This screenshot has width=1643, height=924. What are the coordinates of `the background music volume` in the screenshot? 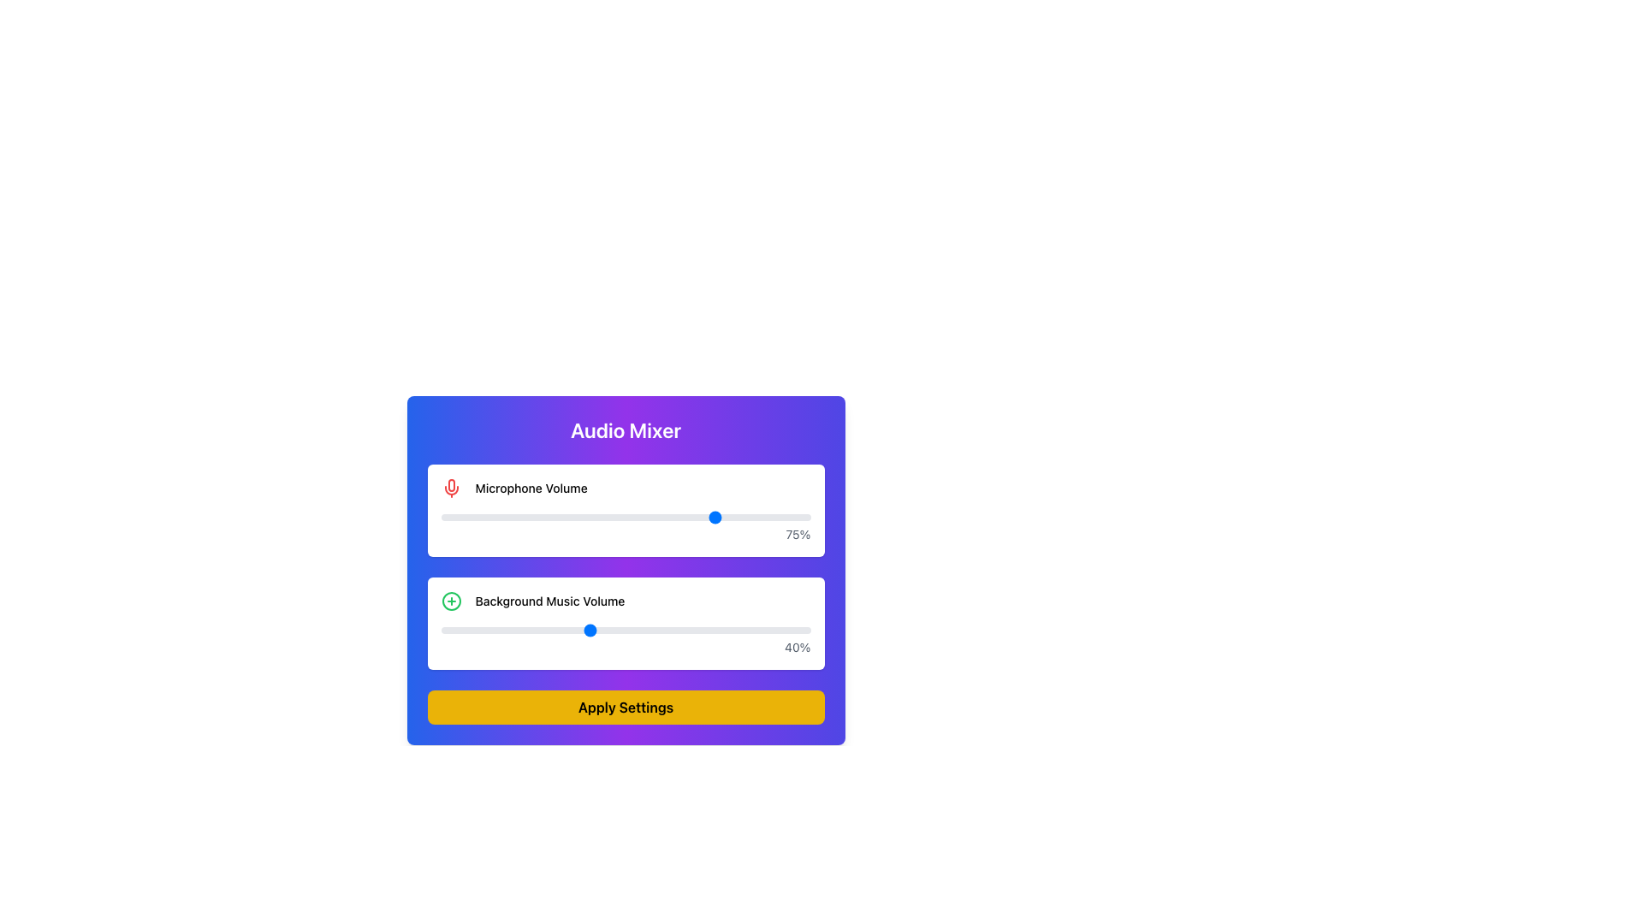 It's located at (570, 630).